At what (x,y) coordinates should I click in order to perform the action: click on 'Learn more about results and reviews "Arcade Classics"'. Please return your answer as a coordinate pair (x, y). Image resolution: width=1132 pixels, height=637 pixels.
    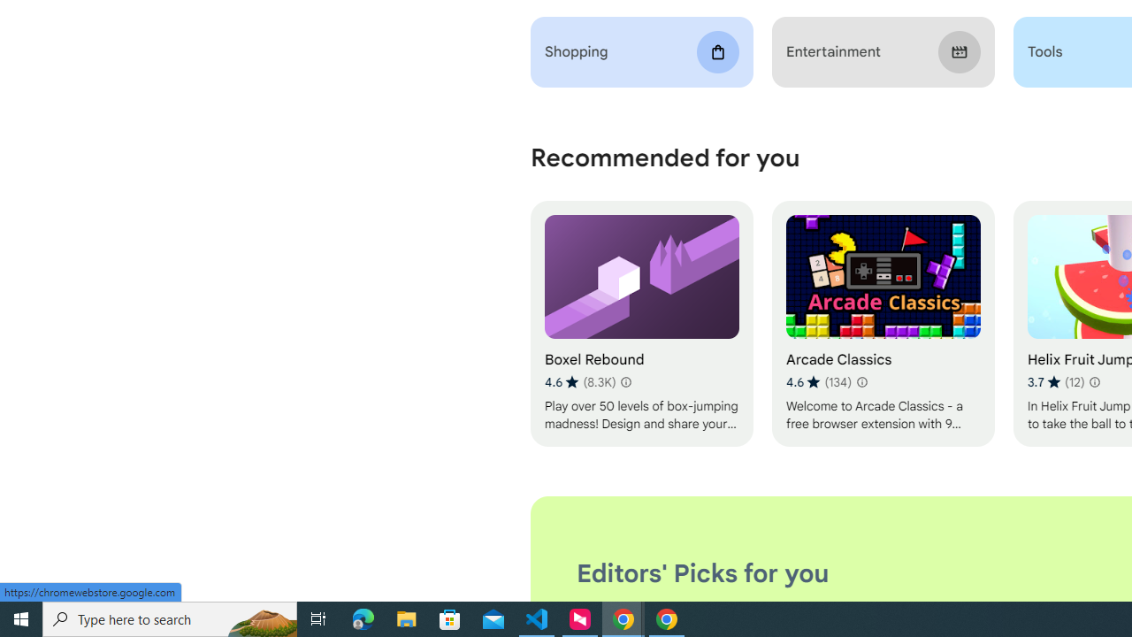
    Looking at the image, I should click on (861, 381).